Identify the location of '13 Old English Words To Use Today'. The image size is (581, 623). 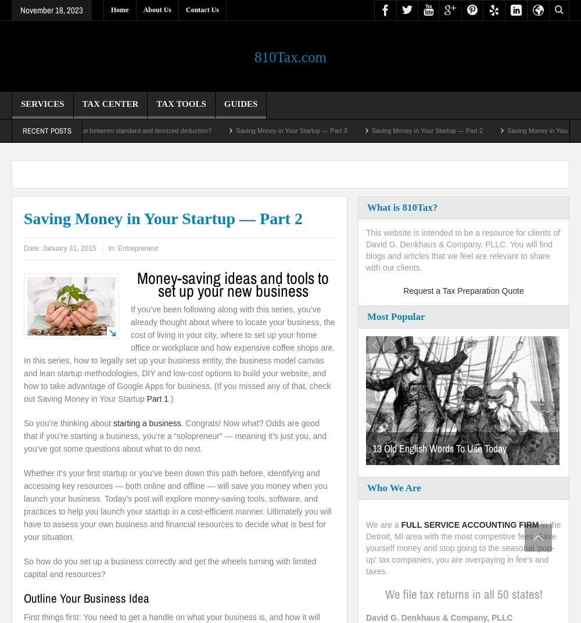
(439, 451).